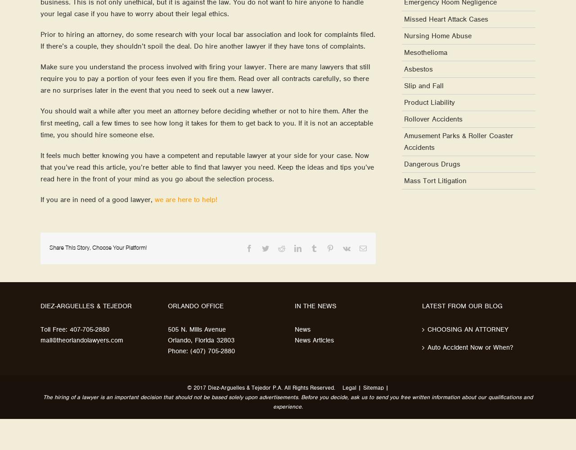 This screenshot has height=450, width=576. Describe the element at coordinates (404, 19) in the screenshot. I see `'Missed Heart Attack Cases'` at that location.